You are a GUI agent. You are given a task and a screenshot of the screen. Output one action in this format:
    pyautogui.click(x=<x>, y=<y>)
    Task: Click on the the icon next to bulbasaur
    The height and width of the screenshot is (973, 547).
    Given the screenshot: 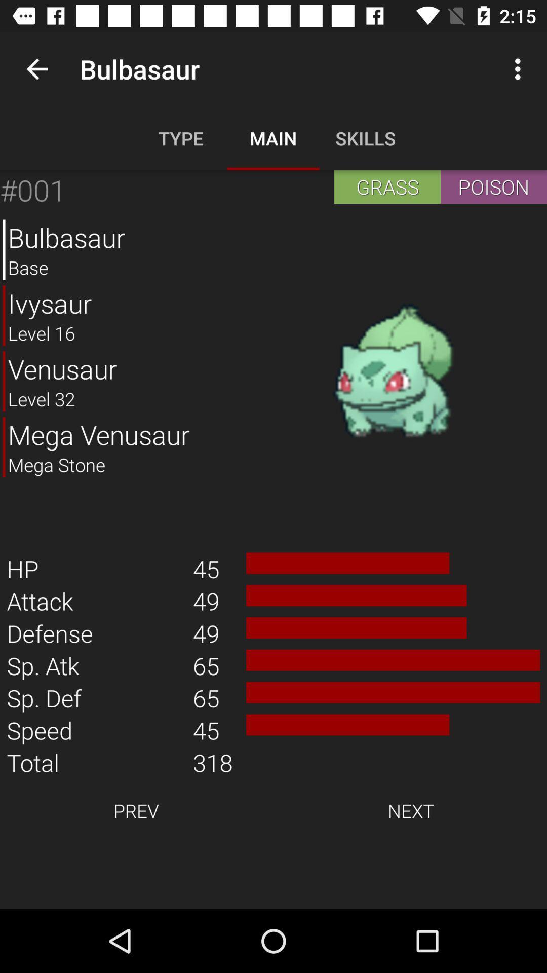 What is the action you would take?
    pyautogui.click(x=393, y=371)
    